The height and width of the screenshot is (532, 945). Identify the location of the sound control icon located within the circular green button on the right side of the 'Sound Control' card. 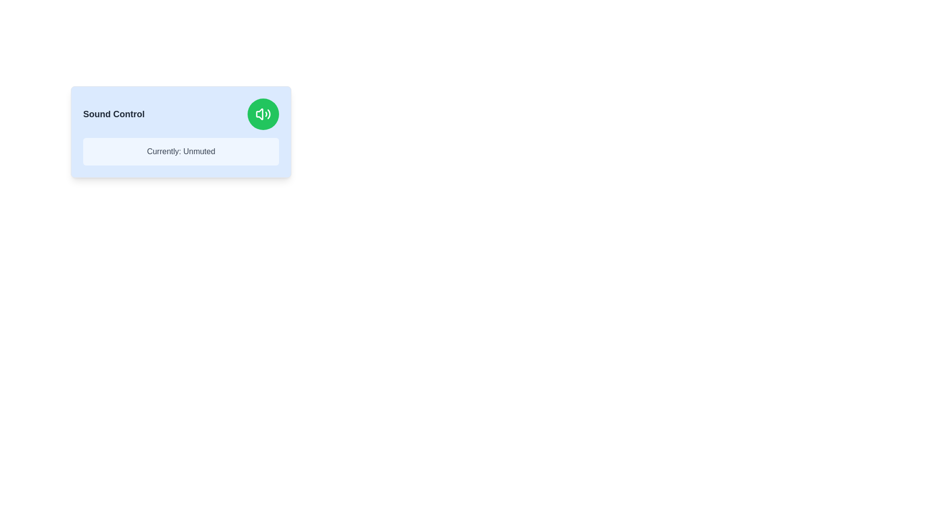
(263, 113).